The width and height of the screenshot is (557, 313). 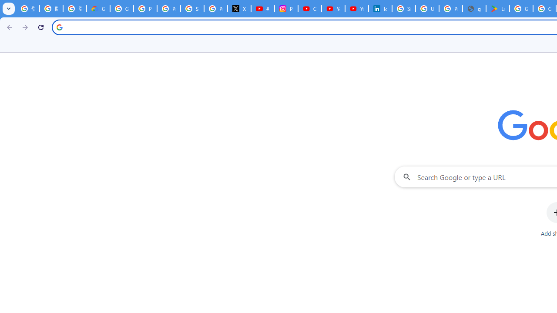 I want to click on 'Privacy Help Center - Policies Help', so click(x=168, y=9).